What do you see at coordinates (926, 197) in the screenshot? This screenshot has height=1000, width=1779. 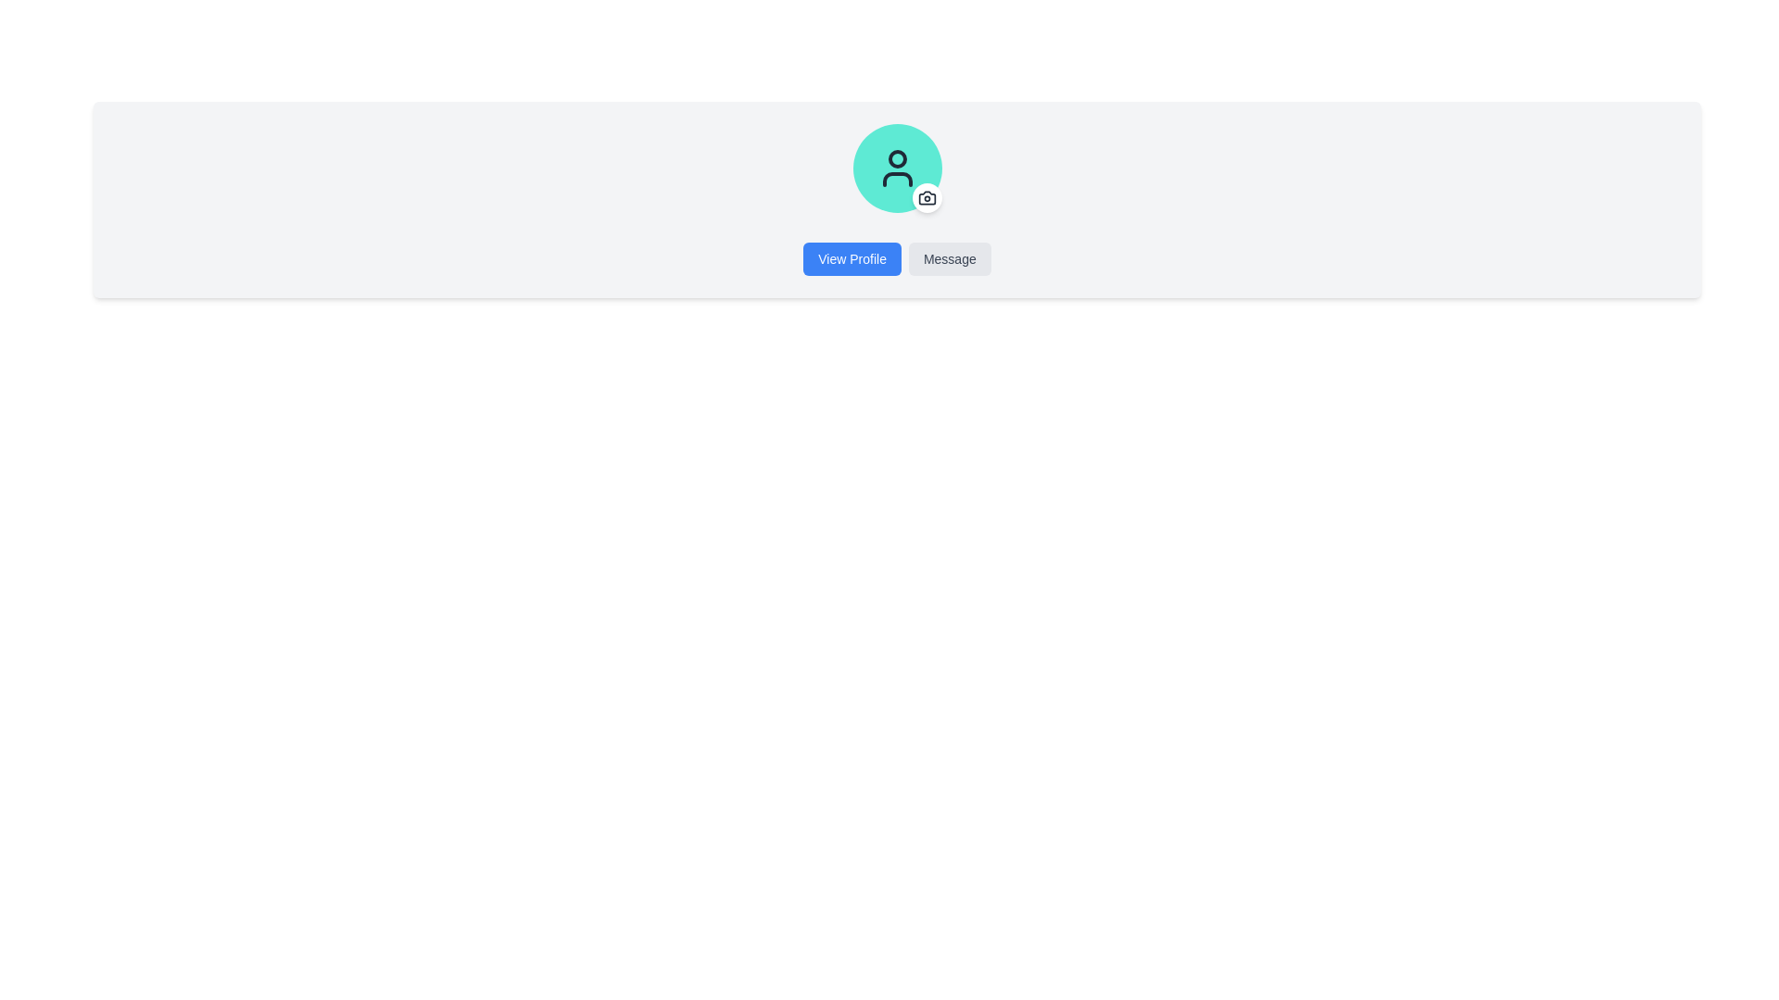 I see `the small circular button with a white background and camera icon at its center, located at the bottom-right corner of the teal circular user profile section` at bounding box center [926, 197].